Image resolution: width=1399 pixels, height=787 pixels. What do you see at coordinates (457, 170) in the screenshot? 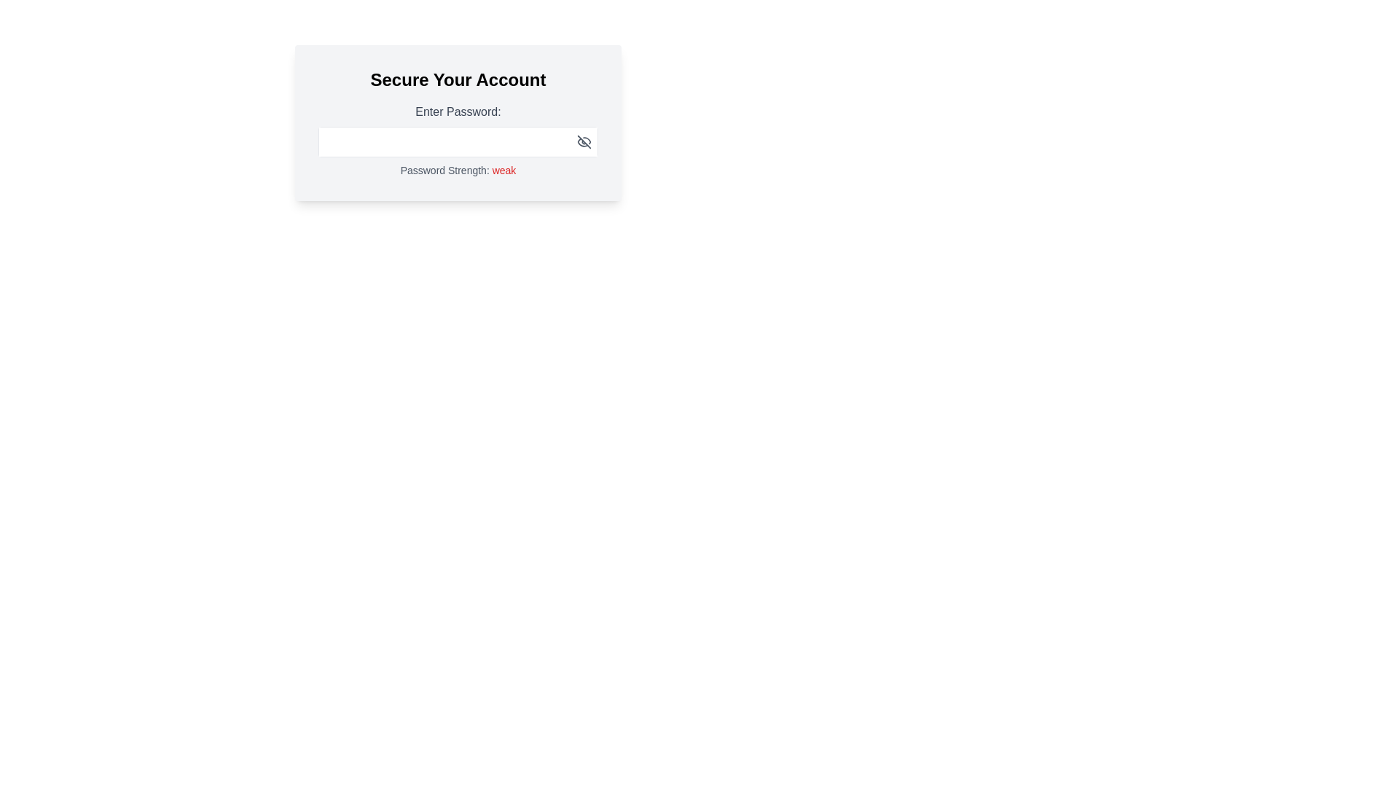
I see `text message displayed in the 'Password Strength: weak' text label, which is part of the password input section in the 'Secure Your Account' card interface` at bounding box center [457, 170].